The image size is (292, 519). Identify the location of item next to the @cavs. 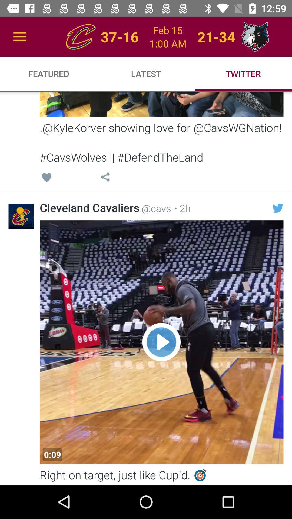
(89, 207).